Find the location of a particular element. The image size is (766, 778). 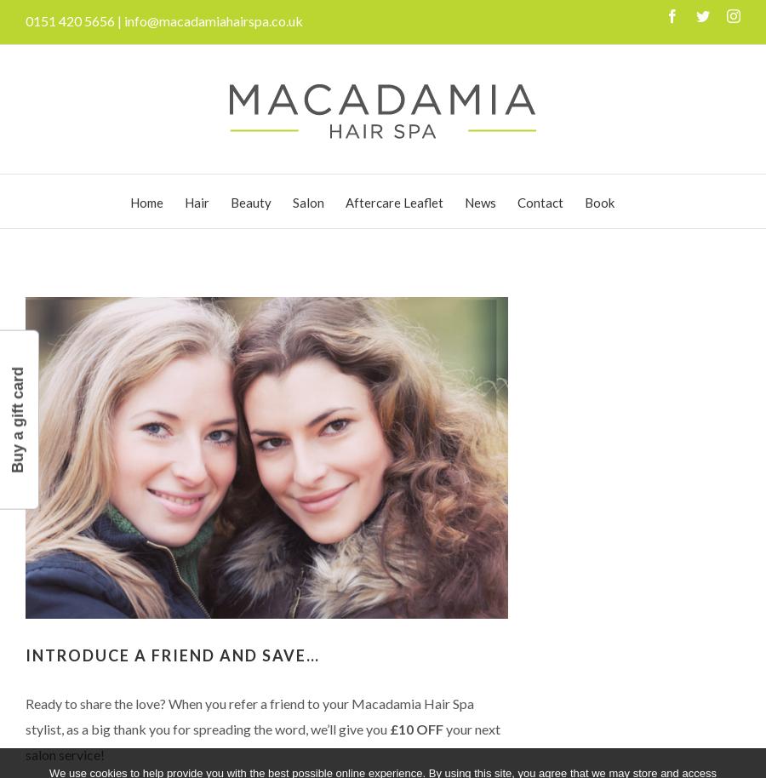

'Salon' is located at coordinates (308, 201).